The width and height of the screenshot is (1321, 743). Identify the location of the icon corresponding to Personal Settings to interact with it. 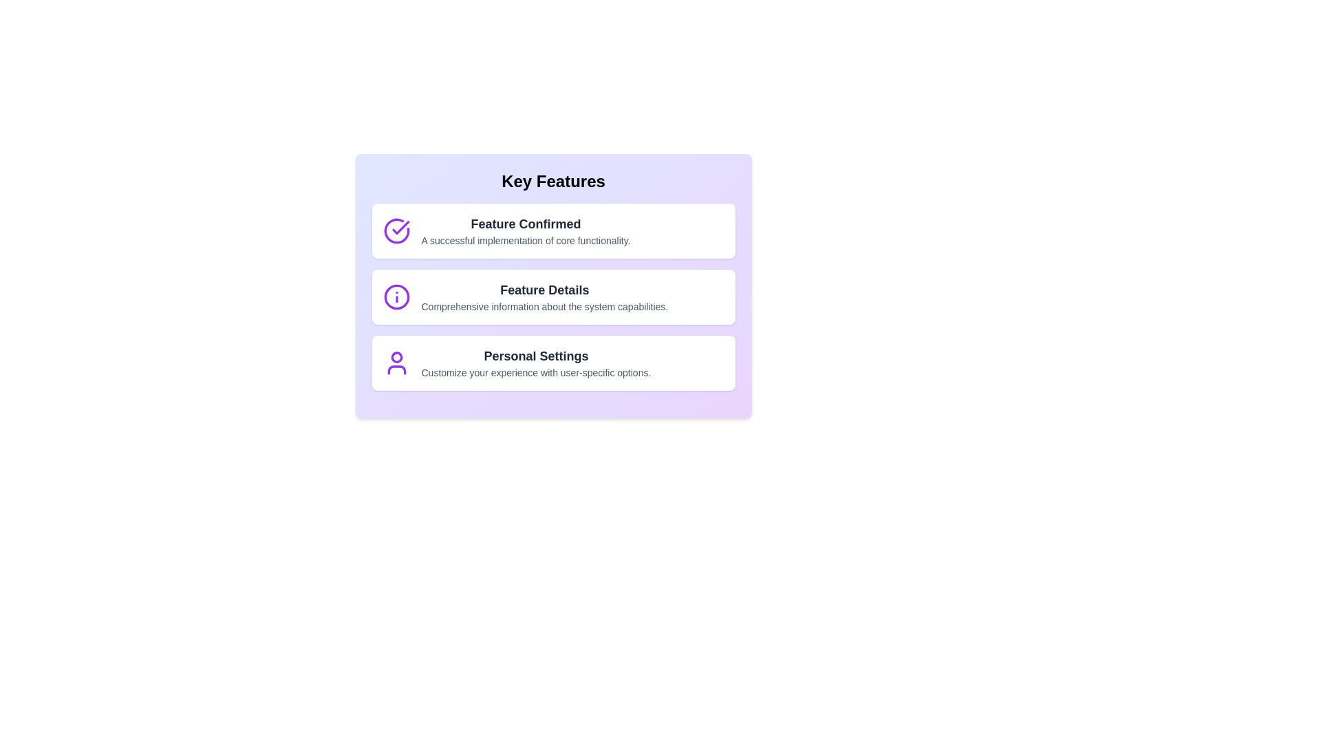
(396, 363).